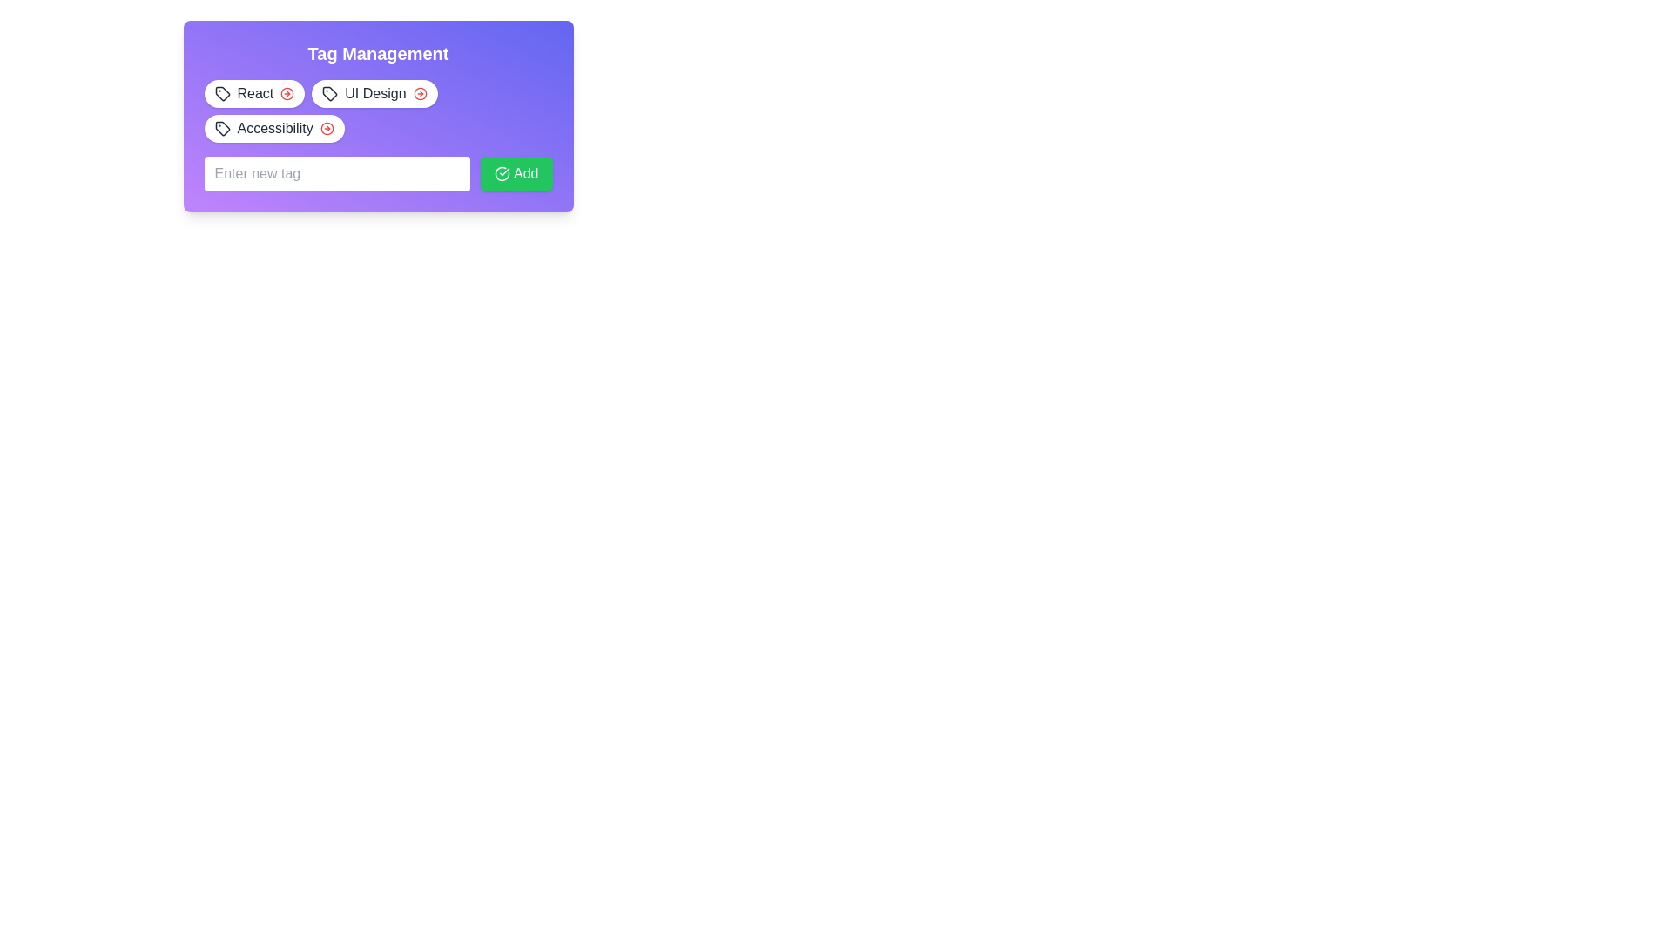  Describe the element at coordinates (420, 94) in the screenshot. I see `the SVG circle element with a thin border, which is part of an icon group positioned to the right of the 'Tag Management' header` at that location.